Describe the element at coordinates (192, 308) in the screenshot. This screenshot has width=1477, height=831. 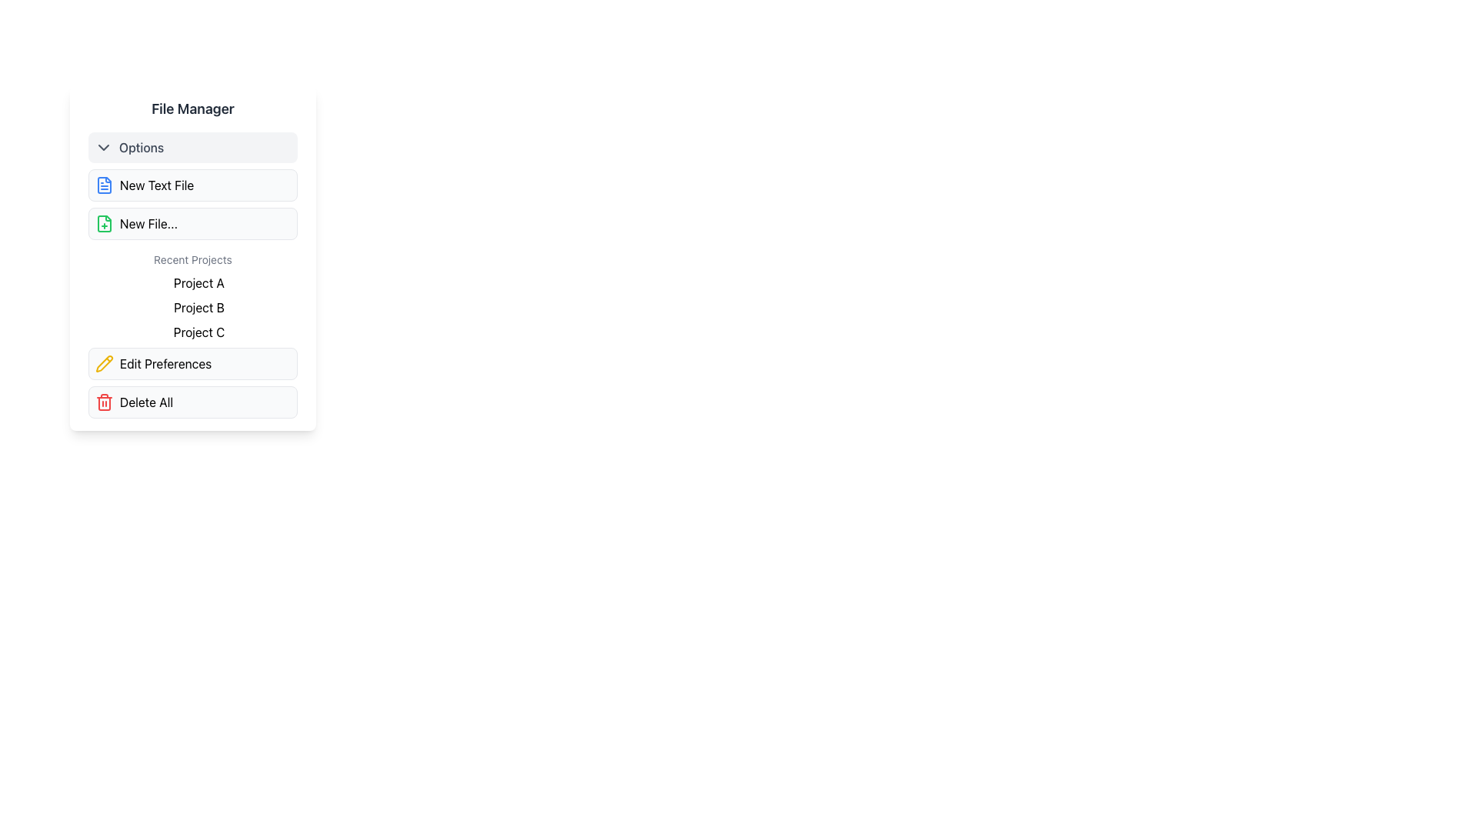
I see `the text label reading 'Project B', which is the second entry in the 'Recent Projects' list` at that location.